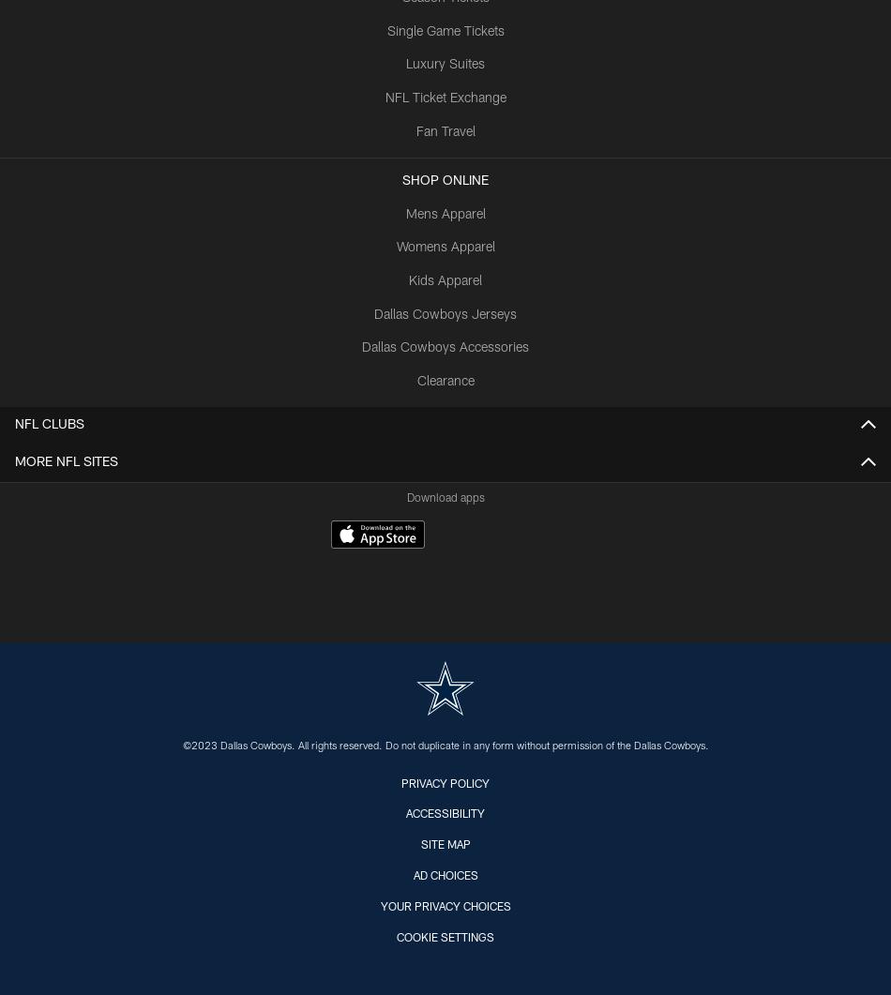  What do you see at coordinates (444, 98) in the screenshot?
I see `'NFL Ticket Exchange'` at bounding box center [444, 98].